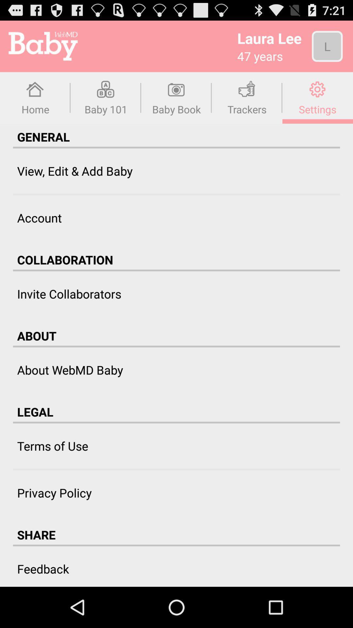  Describe the element at coordinates (176, 545) in the screenshot. I see `the icon above the feedback` at that location.